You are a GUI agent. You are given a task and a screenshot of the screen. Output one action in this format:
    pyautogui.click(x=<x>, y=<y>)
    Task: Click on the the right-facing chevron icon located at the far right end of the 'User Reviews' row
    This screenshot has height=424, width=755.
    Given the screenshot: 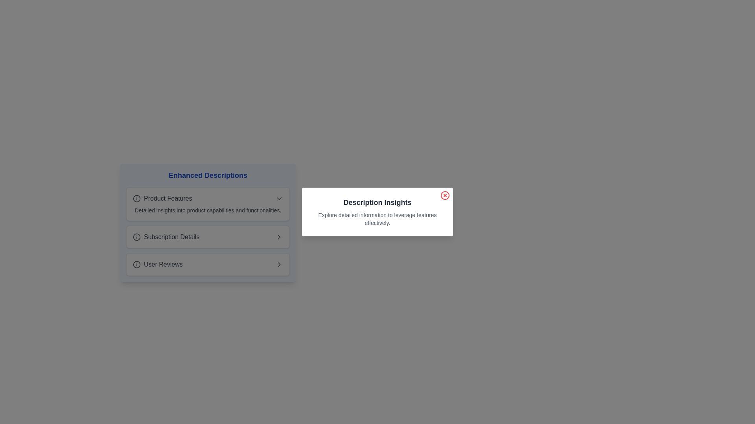 What is the action you would take?
    pyautogui.click(x=279, y=265)
    